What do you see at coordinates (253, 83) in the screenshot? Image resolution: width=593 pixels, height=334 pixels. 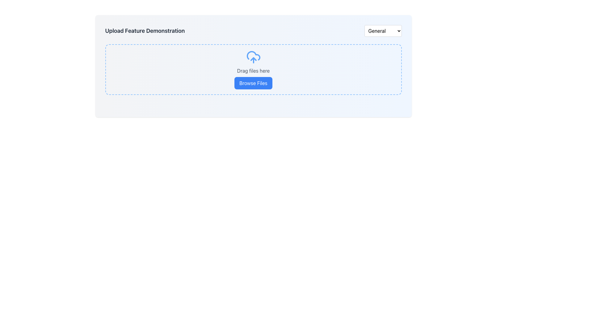 I see `the file upload button located below the 'Drag files here' text within the dashed-bordered area to change its shade` at bounding box center [253, 83].